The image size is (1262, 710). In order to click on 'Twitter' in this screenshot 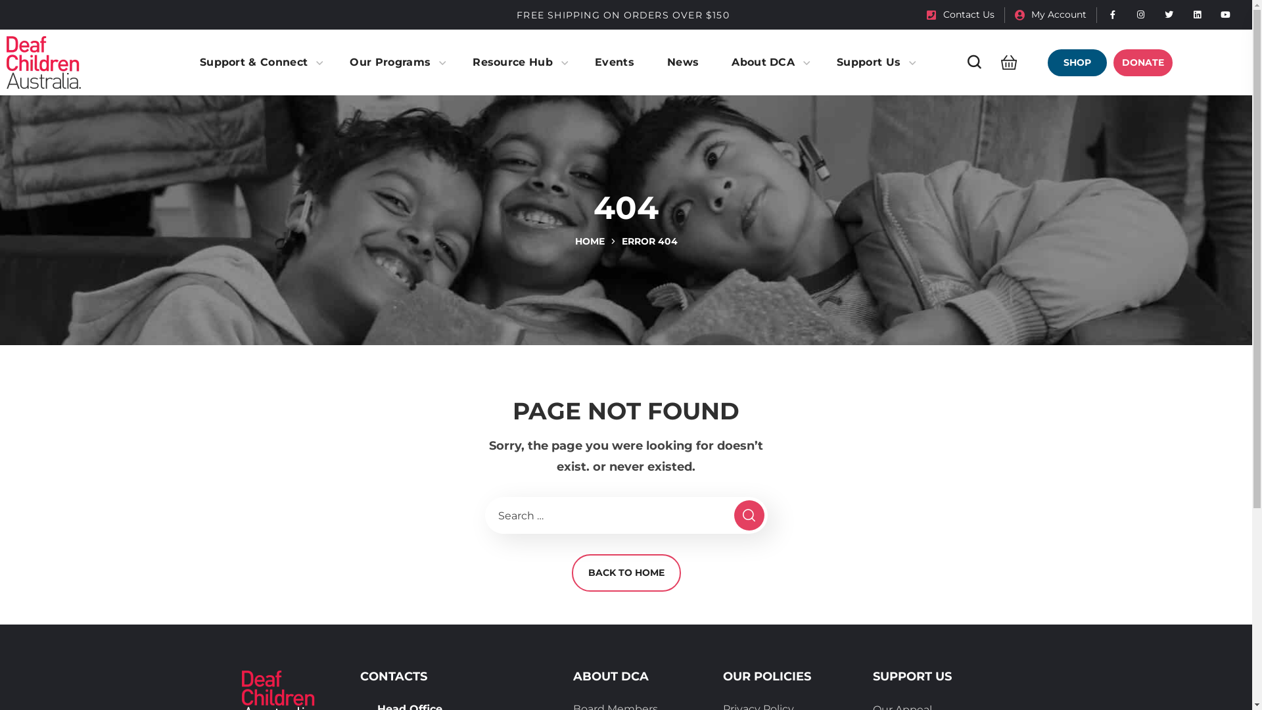, I will do `click(1169, 15)`.